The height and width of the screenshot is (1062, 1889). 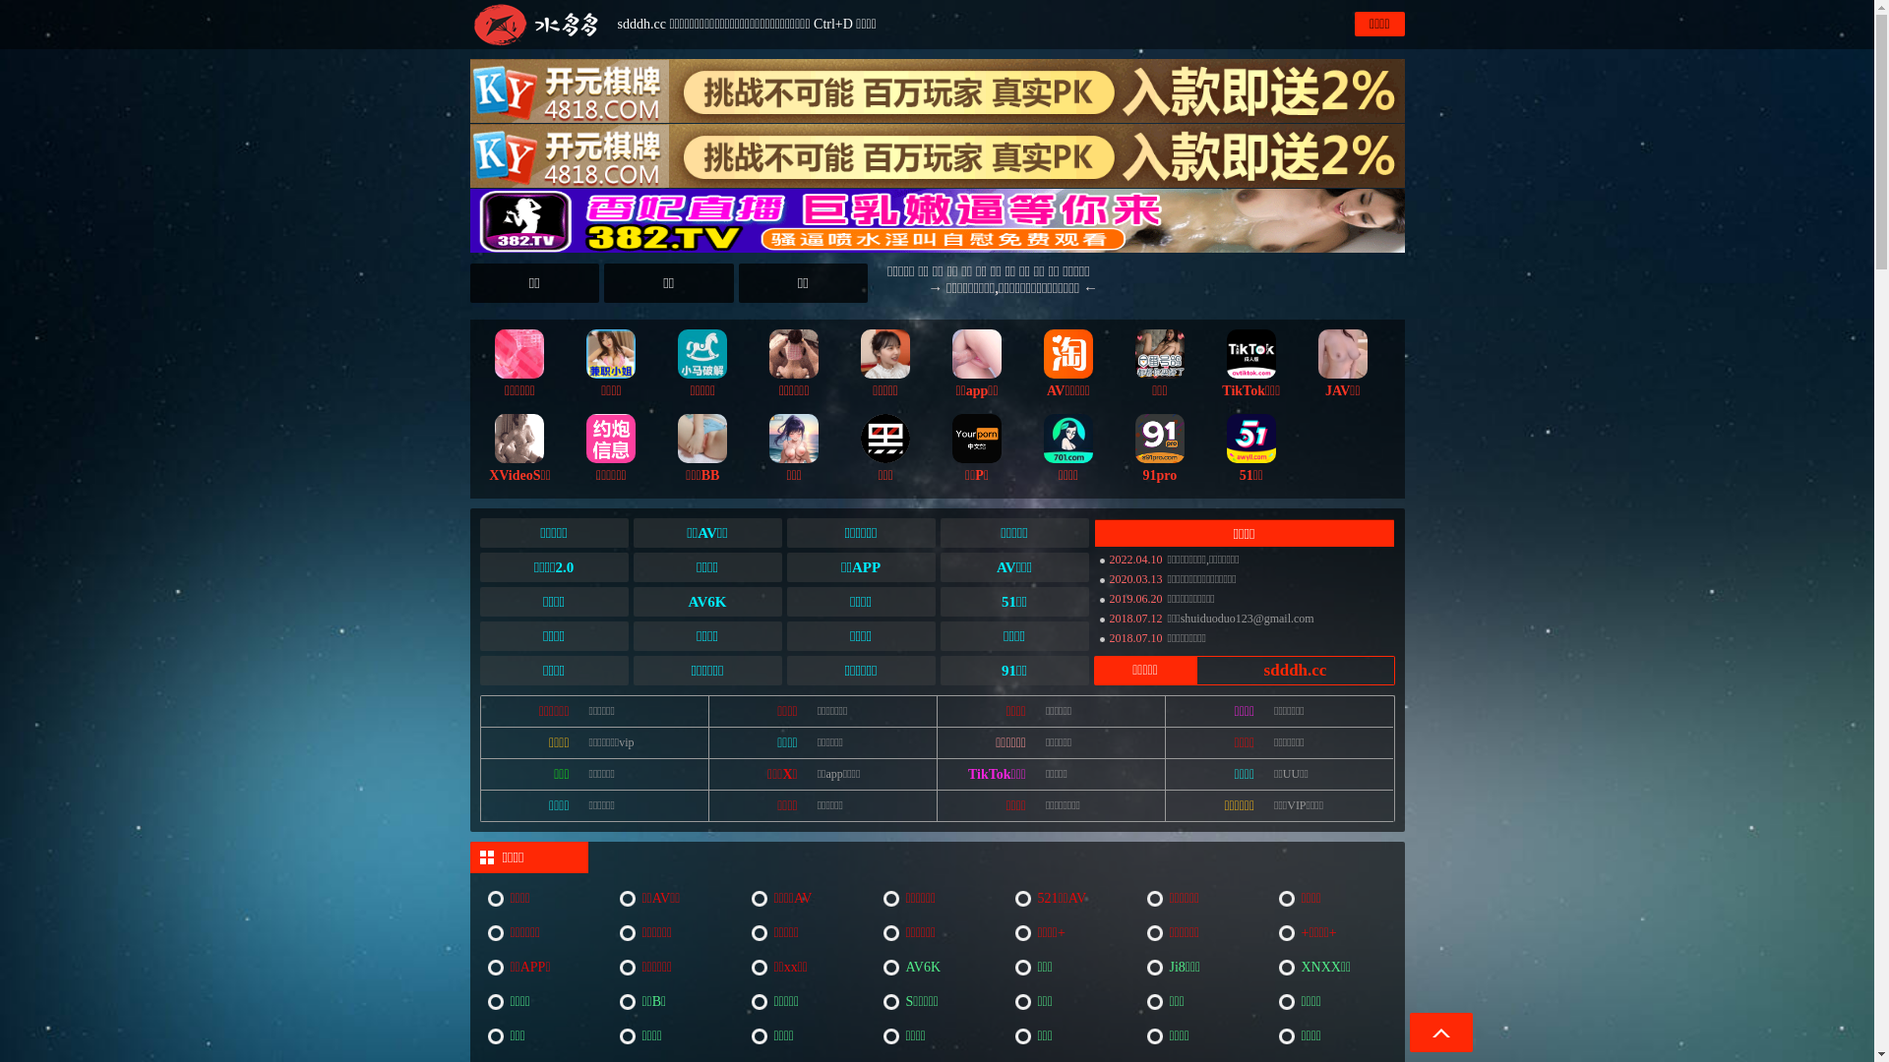 What do you see at coordinates (1160, 445) in the screenshot?
I see `'91pro'` at bounding box center [1160, 445].